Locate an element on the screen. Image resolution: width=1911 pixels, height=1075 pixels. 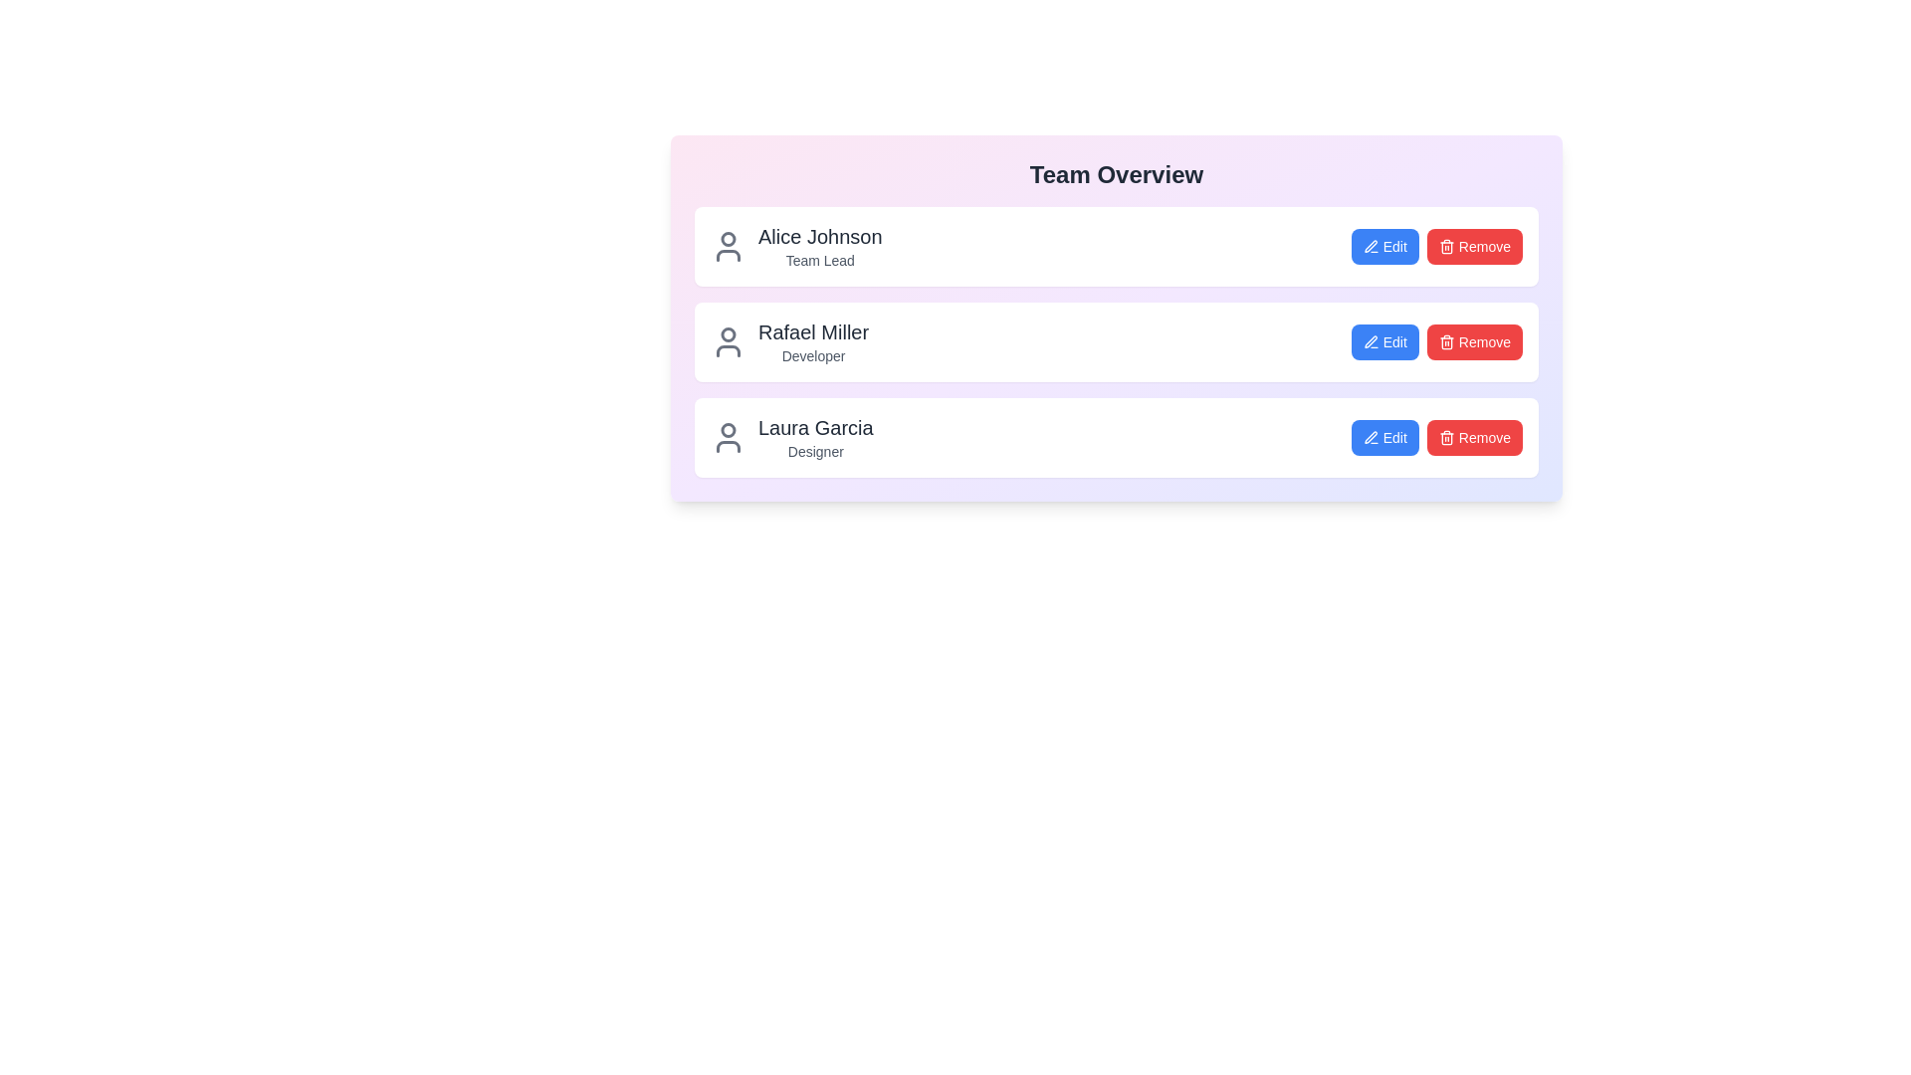
the 'Team Overview' title by clicking on its center is located at coordinates (1117, 174).